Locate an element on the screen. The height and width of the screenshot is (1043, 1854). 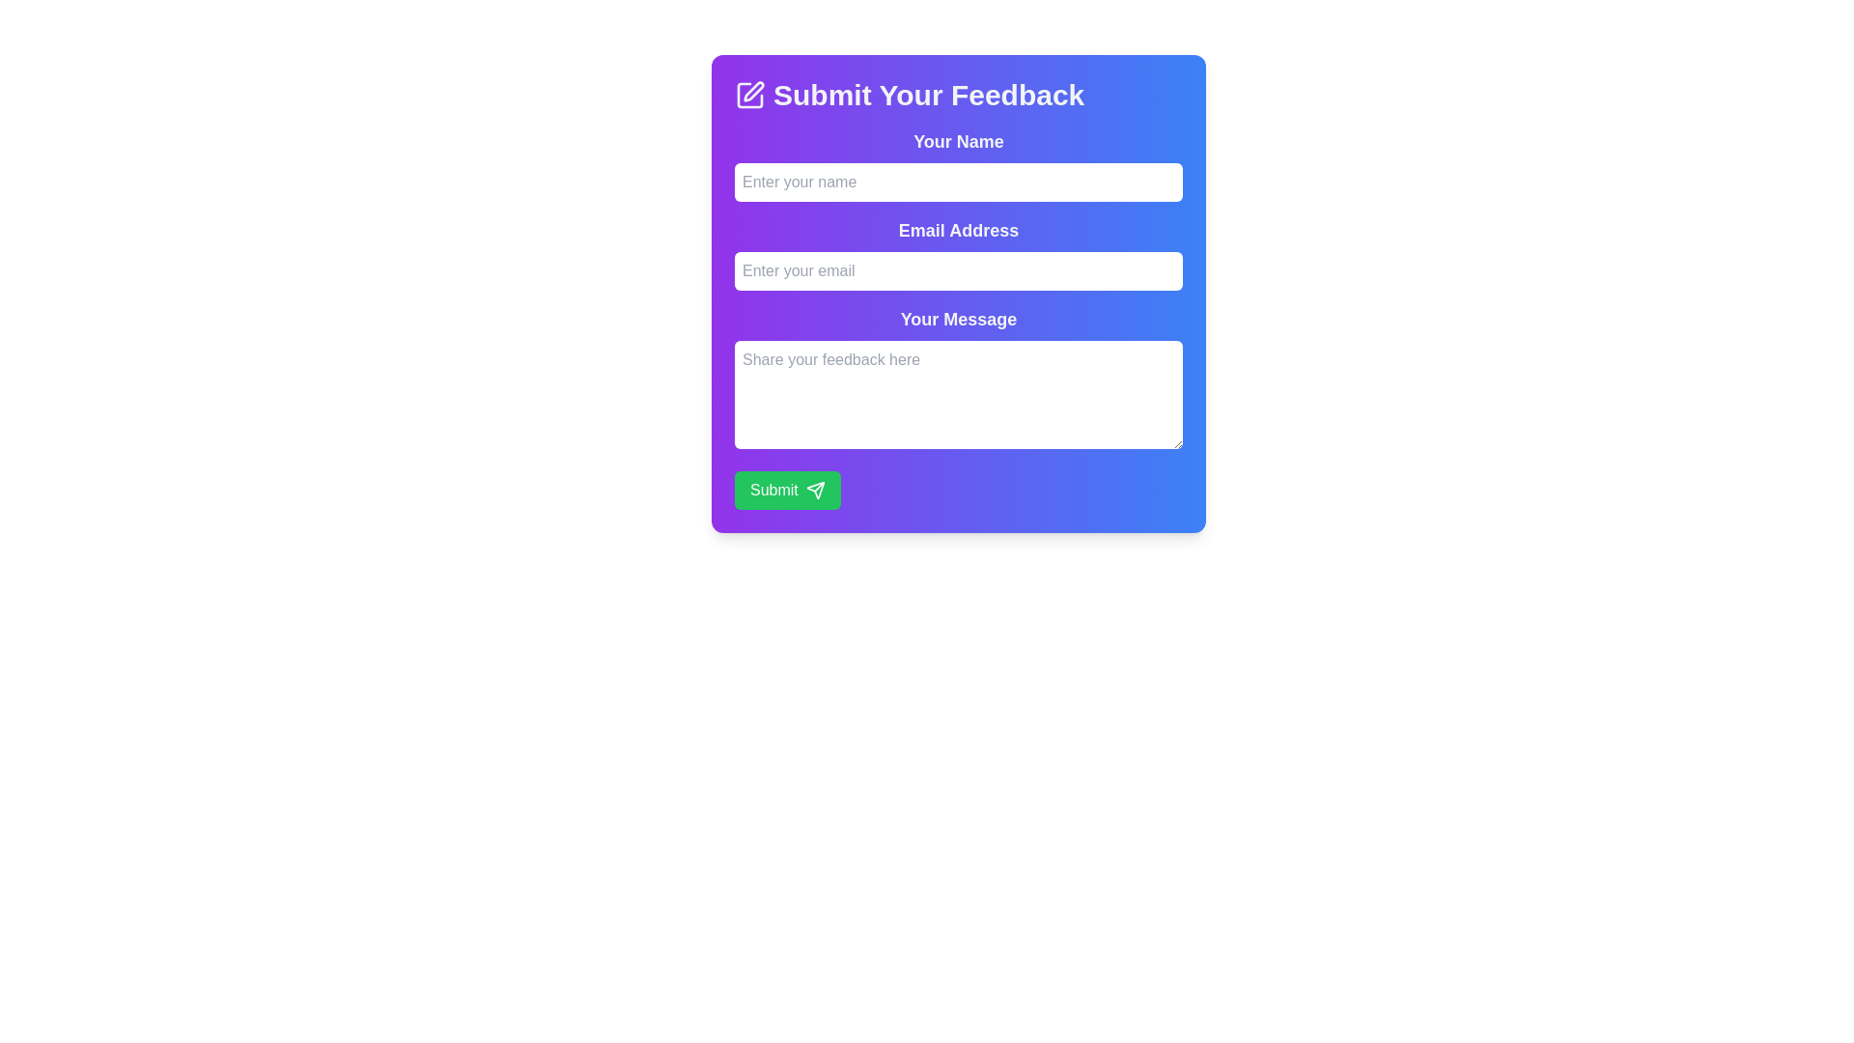
the descriptive label for the email input field, which is the second visible label in the form, positioned directly above the email input field is located at coordinates (959, 230).